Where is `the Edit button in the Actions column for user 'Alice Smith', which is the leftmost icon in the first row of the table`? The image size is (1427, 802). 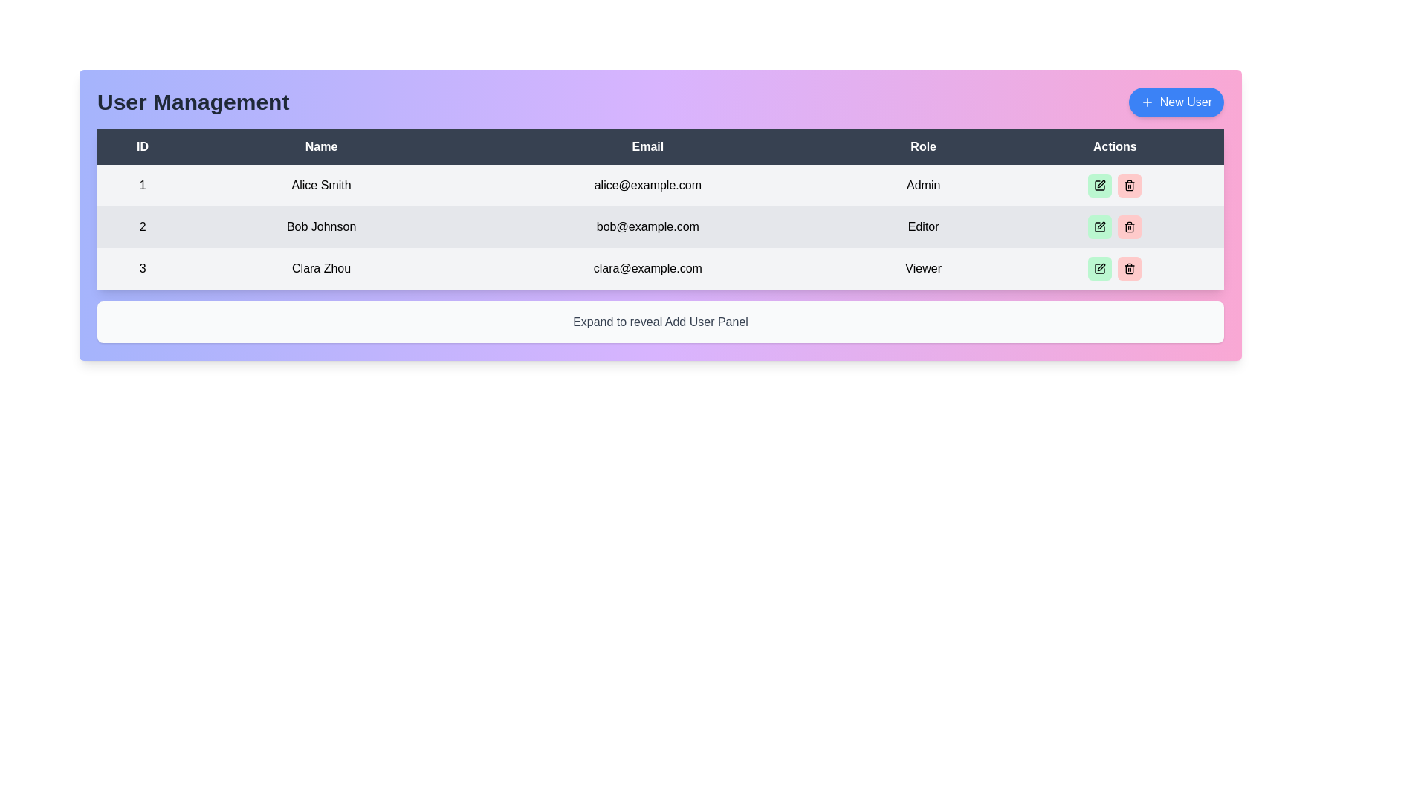
the Edit button in the Actions column for user 'Alice Smith', which is the leftmost icon in the first row of the table is located at coordinates (1100, 185).